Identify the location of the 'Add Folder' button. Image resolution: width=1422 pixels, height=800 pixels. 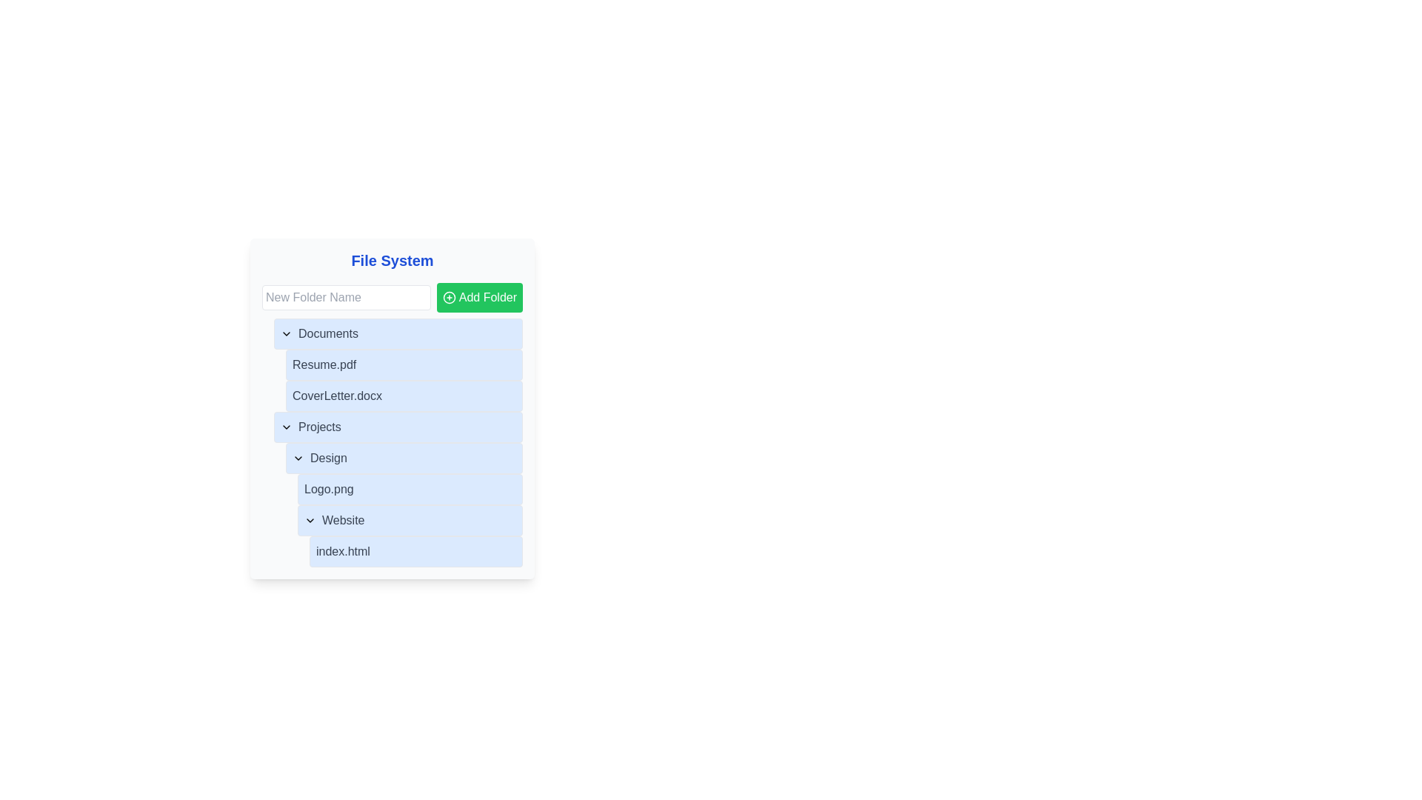
(448, 297).